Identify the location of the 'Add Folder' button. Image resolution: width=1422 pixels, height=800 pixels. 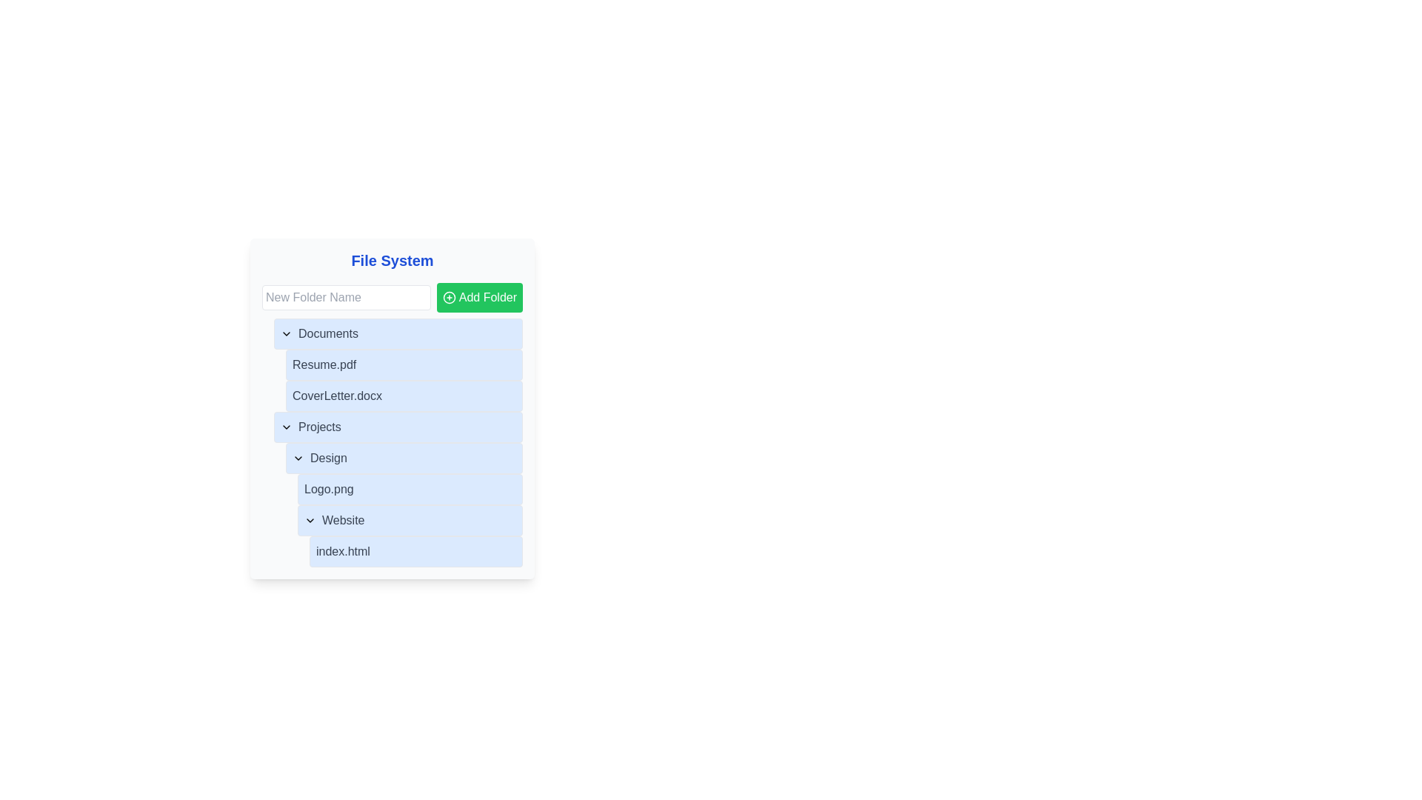
(448, 297).